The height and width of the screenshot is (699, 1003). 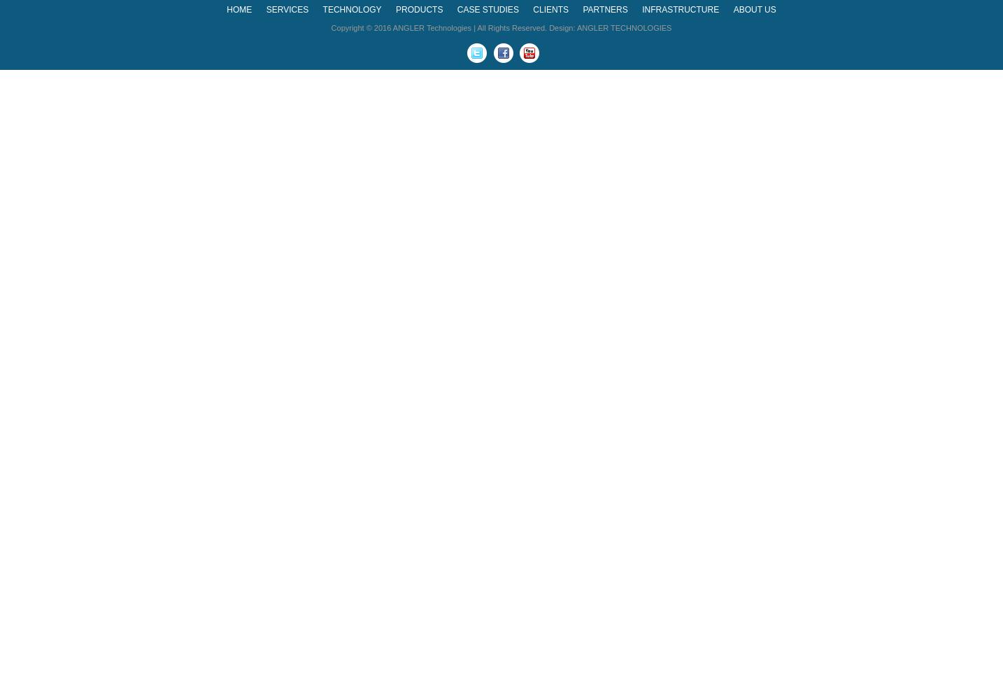 What do you see at coordinates (582, 10) in the screenshot?
I see `'PARTNERS'` at bounding box center [582, 10].